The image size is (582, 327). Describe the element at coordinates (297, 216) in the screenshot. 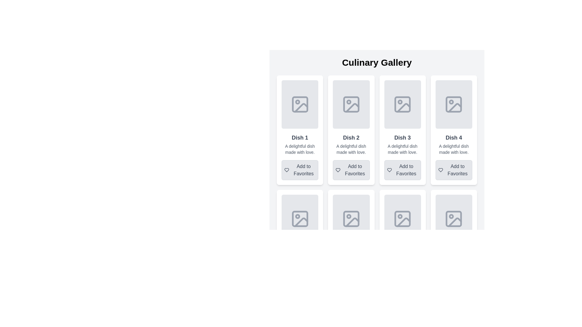

I see `the circular status indicator icon located in the second row, first slot of the grid-like image placeholders` at that location.